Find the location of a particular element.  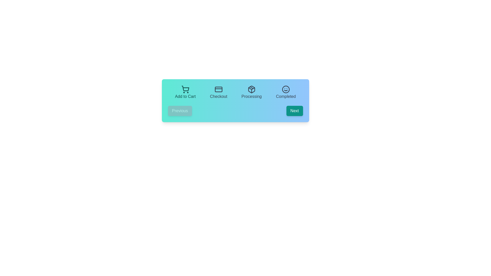

the step Completed to observe the hover effect is located at coordinates (286, 93).